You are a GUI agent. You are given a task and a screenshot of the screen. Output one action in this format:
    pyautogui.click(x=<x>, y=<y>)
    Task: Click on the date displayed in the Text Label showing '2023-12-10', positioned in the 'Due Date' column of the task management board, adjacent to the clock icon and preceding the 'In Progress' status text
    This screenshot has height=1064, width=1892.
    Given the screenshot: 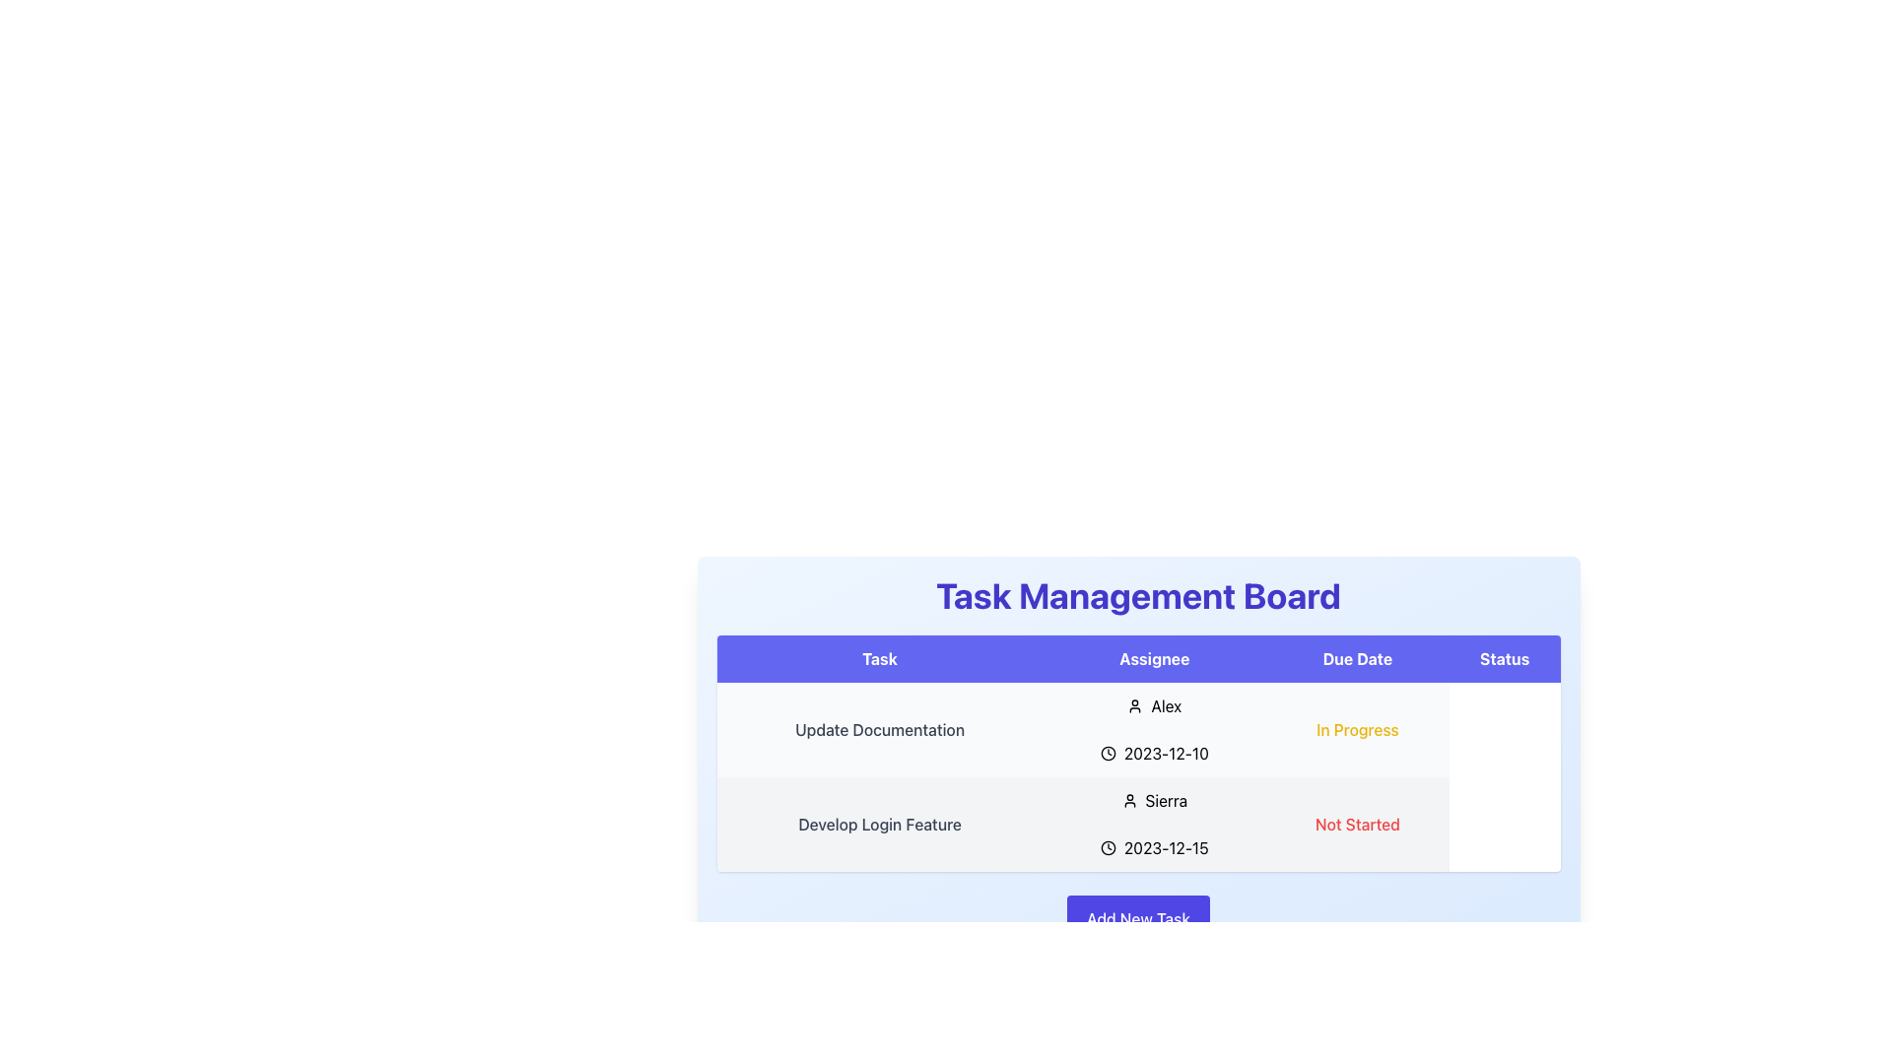 What is the action you would take?
    pyautogui.click(x=1166, y=753)
    